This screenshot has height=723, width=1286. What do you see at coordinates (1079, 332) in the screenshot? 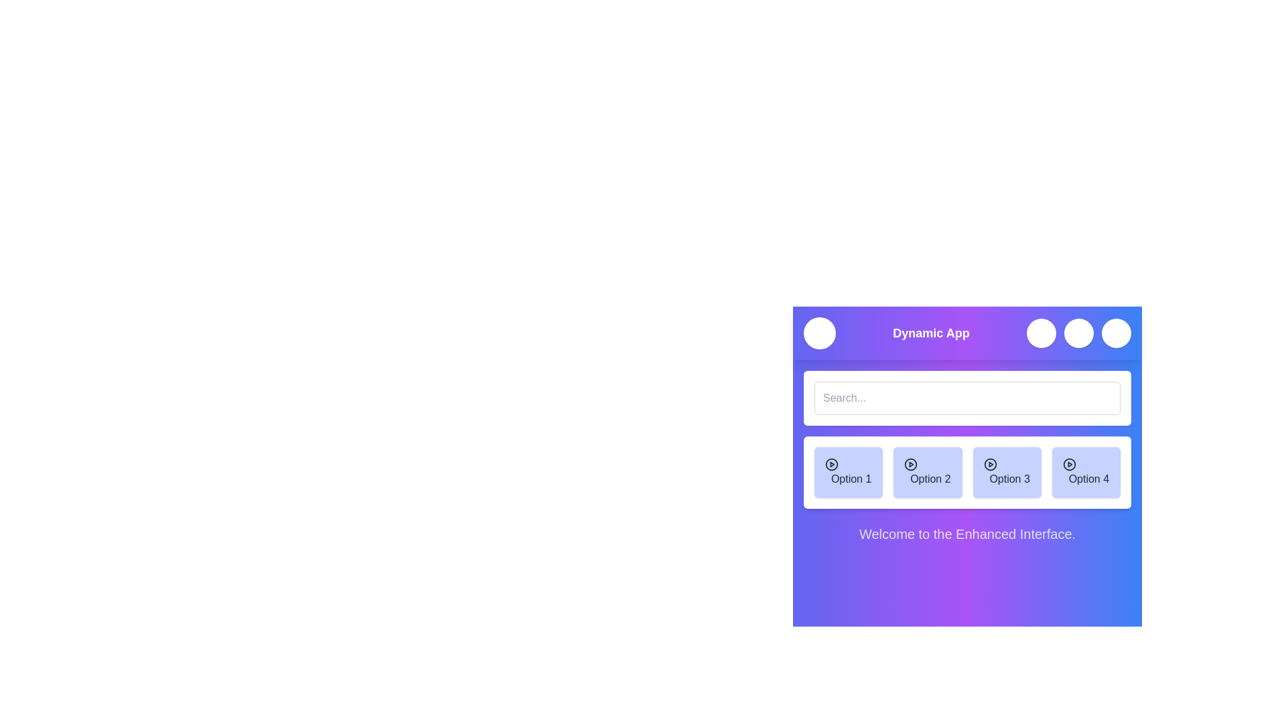
I see `the Bell button in the header to navigate` at bounding box center [1079, 332].